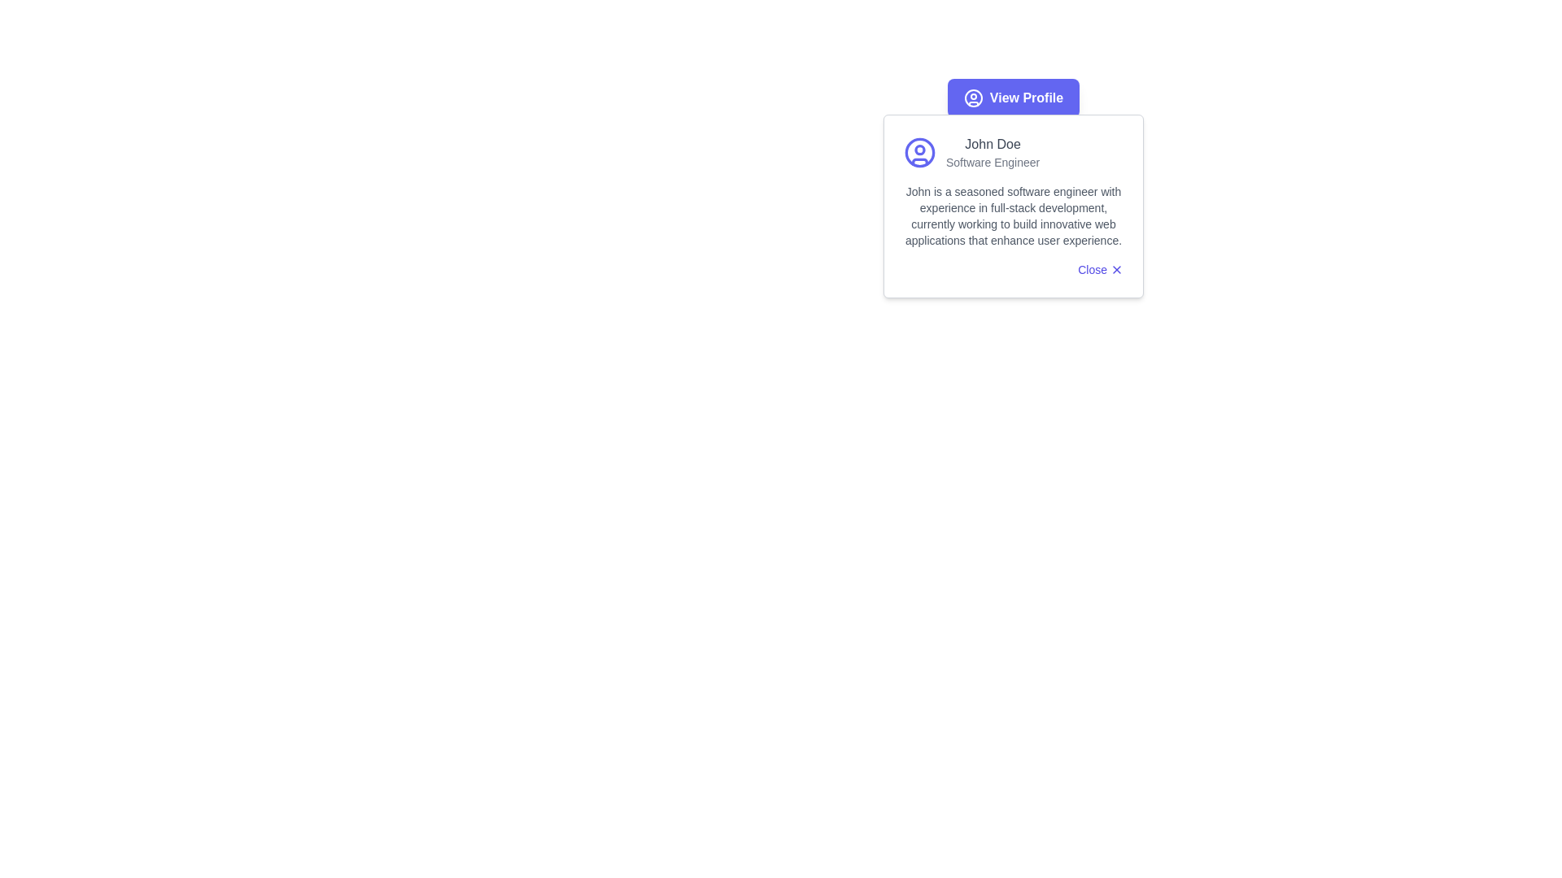  Describe the element at coordinates (1013, 98) in the screenshot. I see `the button located at the top of the modal layout` at that location.